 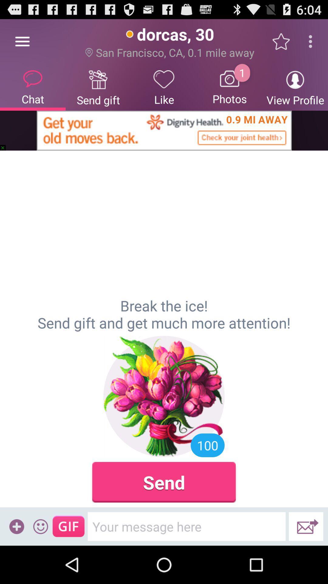 I want to click on the item to the left of view profile, so click(x=230, y=87).